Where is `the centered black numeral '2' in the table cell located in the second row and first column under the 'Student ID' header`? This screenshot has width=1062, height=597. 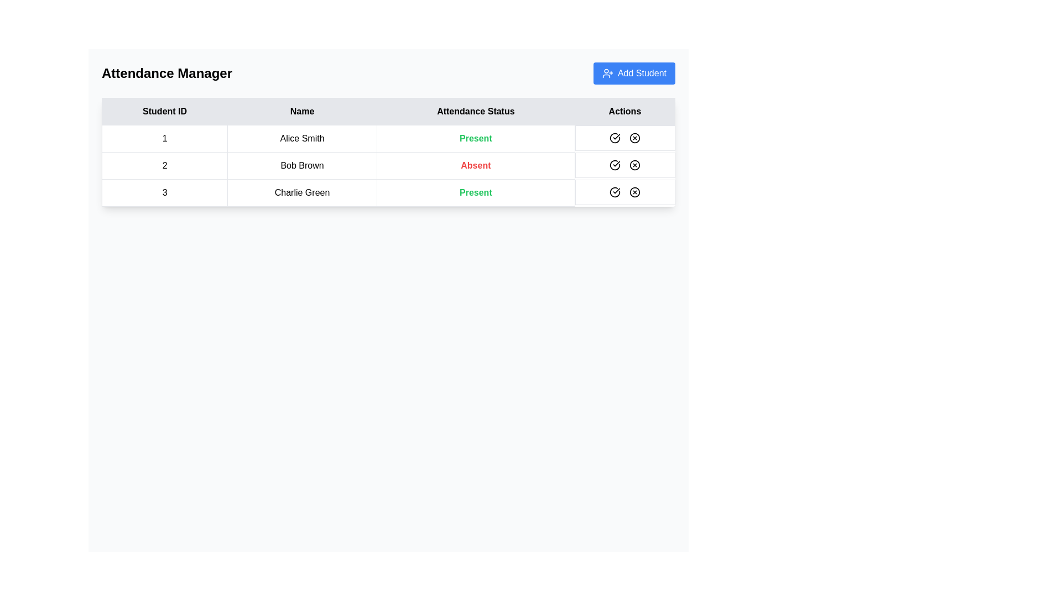
the centered black numeral '2' in the table cell located in the second row and first column under the 'Student ID' header is located at coordinates (164, 166).